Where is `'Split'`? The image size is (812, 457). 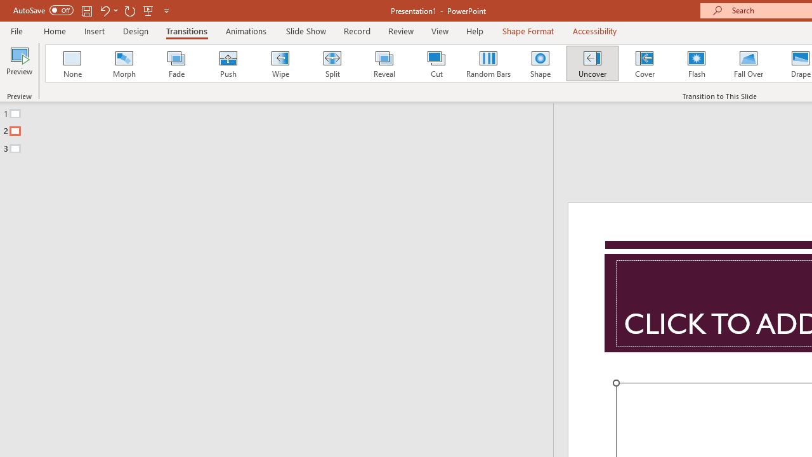
'Split' is located at coordinates (332, 63).